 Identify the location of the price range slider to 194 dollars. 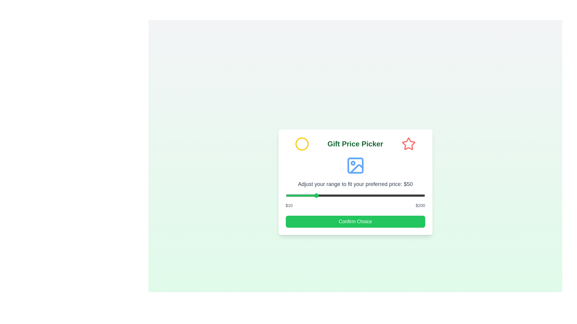
(420, 195).